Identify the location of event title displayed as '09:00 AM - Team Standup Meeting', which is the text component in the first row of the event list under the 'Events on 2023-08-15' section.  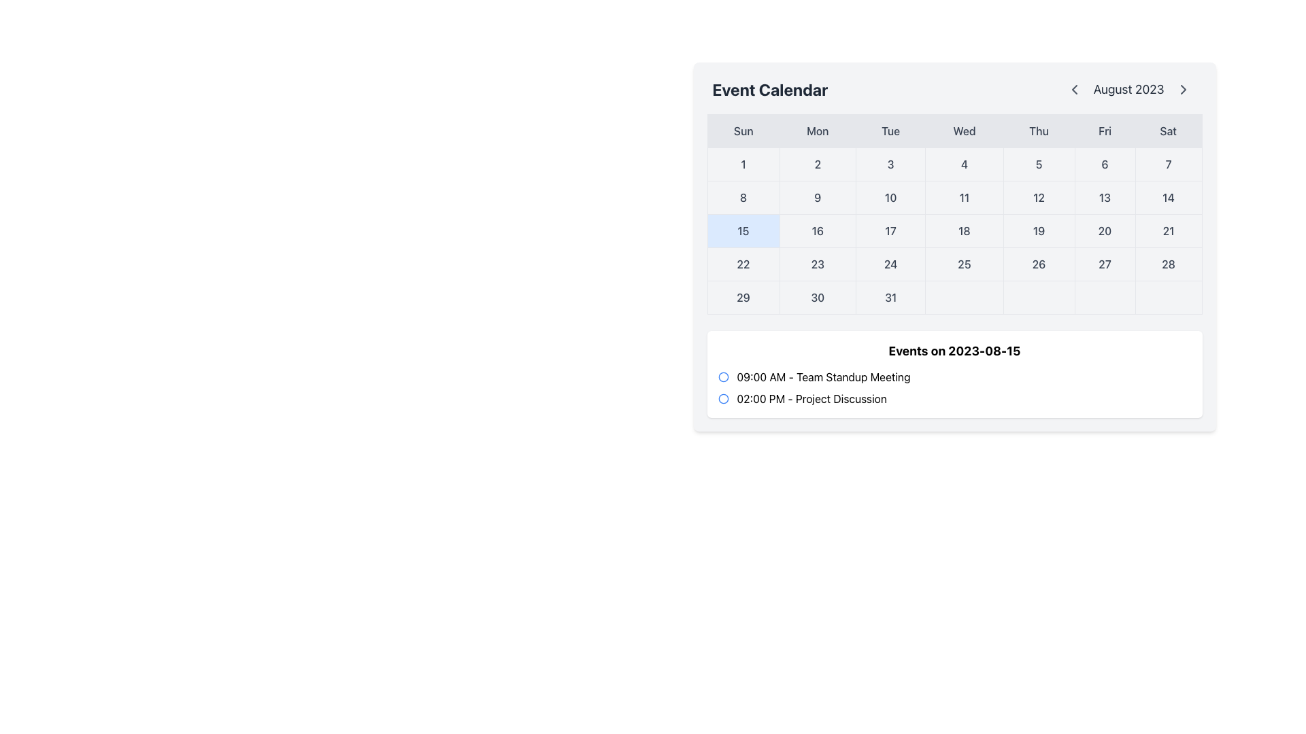
(822, 377).